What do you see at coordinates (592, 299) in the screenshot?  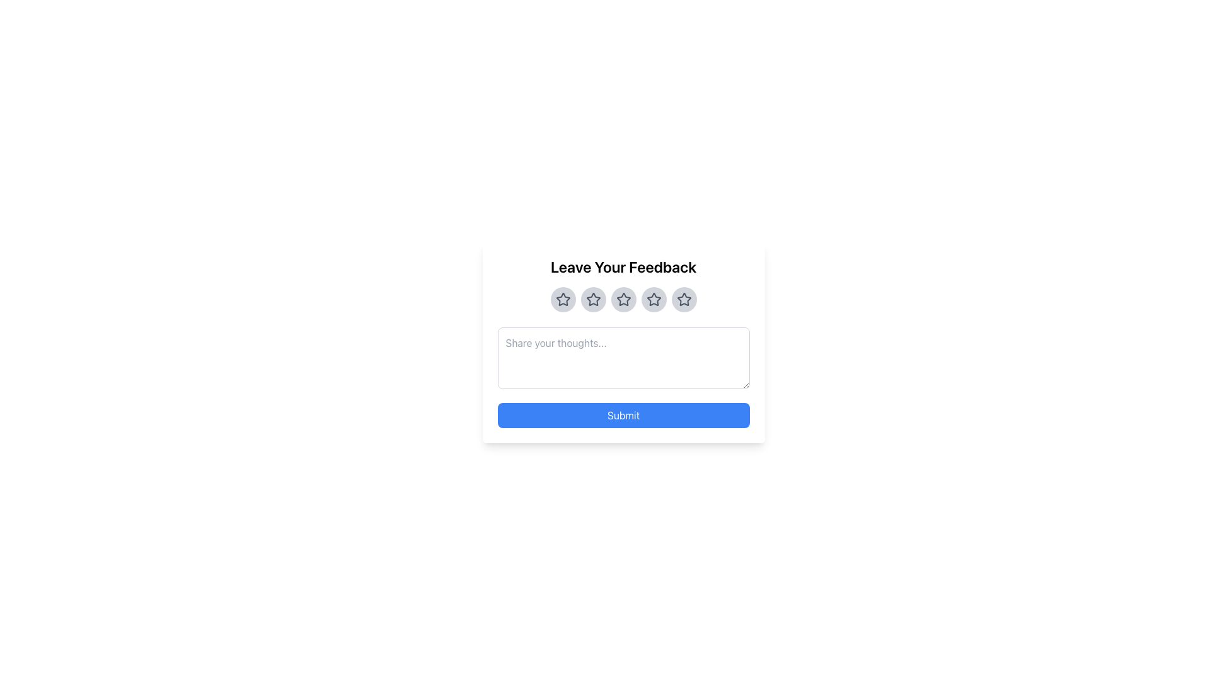 I see `the second star icon with a gray outline and hollow center, positioned below the 'Leave Your Feedback' title` at bounding box center [592, 299].